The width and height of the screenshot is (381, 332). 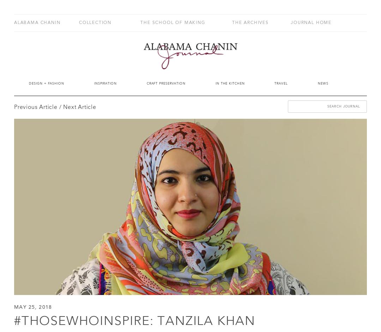 What do you see at coordinates (37, 22) in the screenshot?
I see `'ALABAMA CHANIN'` at bounding box center [37, 22].